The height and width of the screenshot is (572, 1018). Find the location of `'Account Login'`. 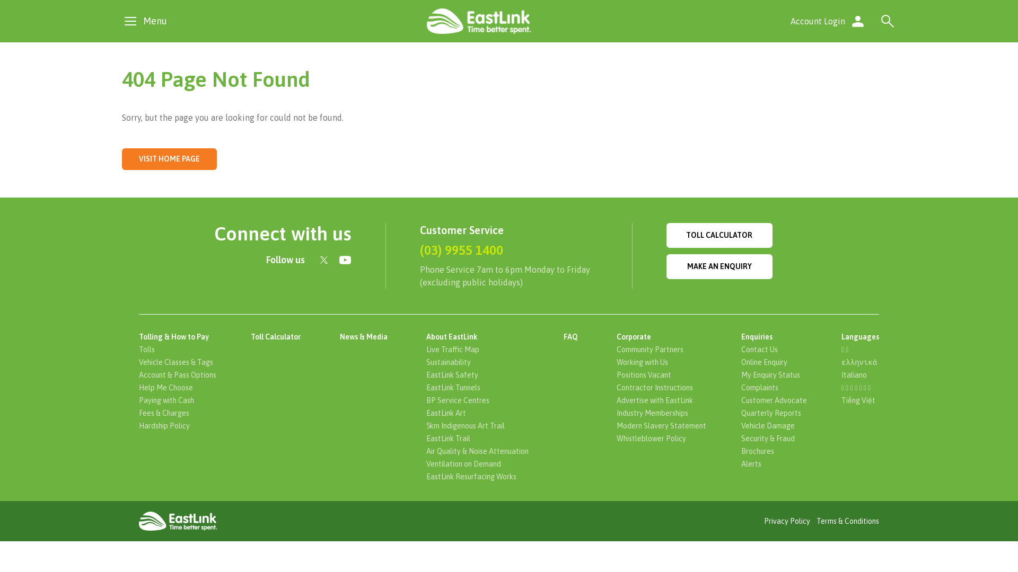

'Account Login' is located at coordinates (828, 21).